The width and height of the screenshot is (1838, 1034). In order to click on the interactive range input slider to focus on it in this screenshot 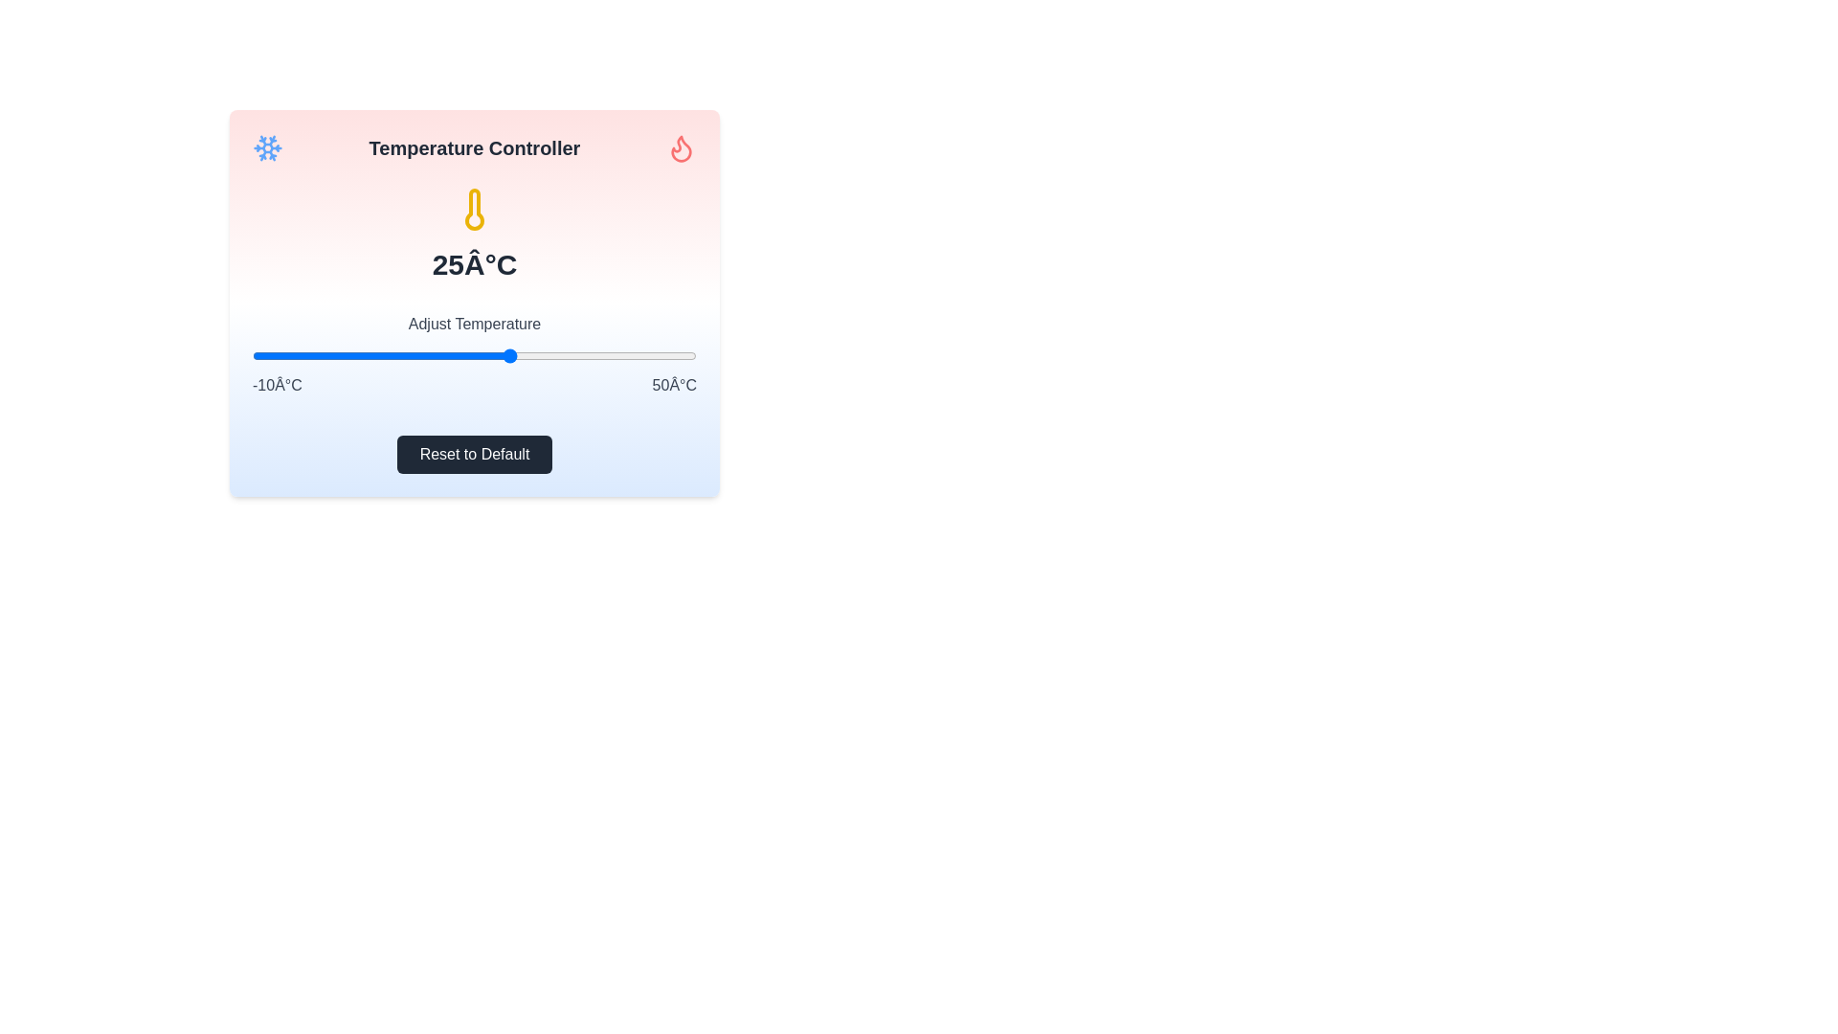, I will do `click(474, 355)`.